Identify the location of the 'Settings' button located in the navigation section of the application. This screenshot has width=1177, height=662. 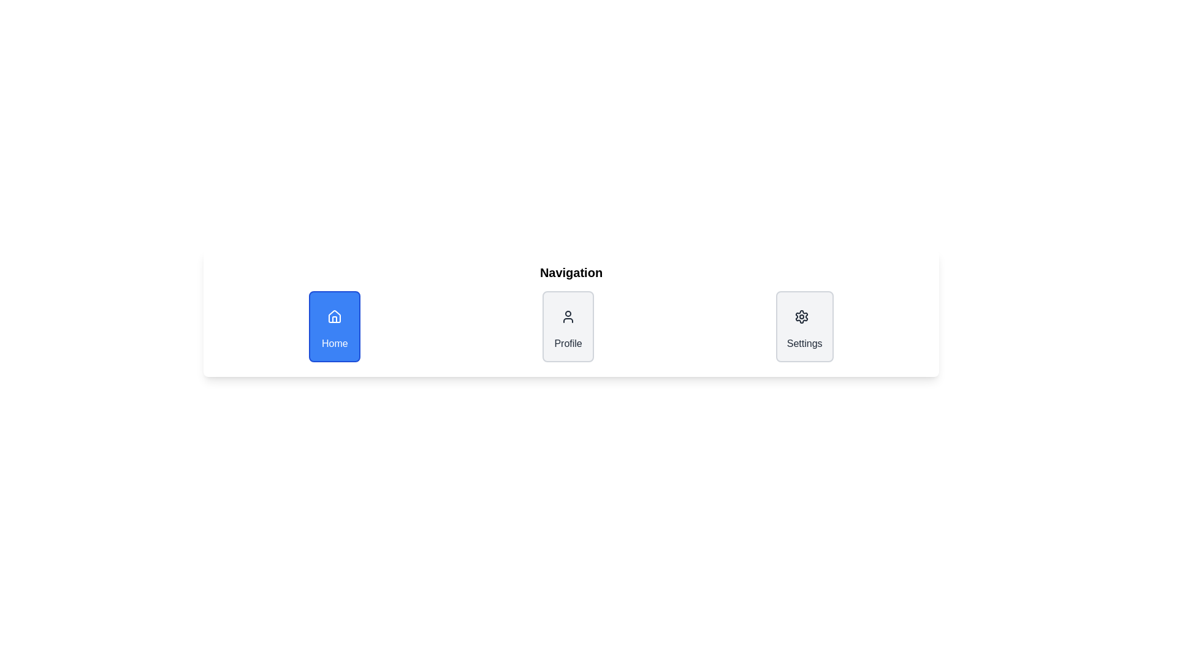
(804, 325).